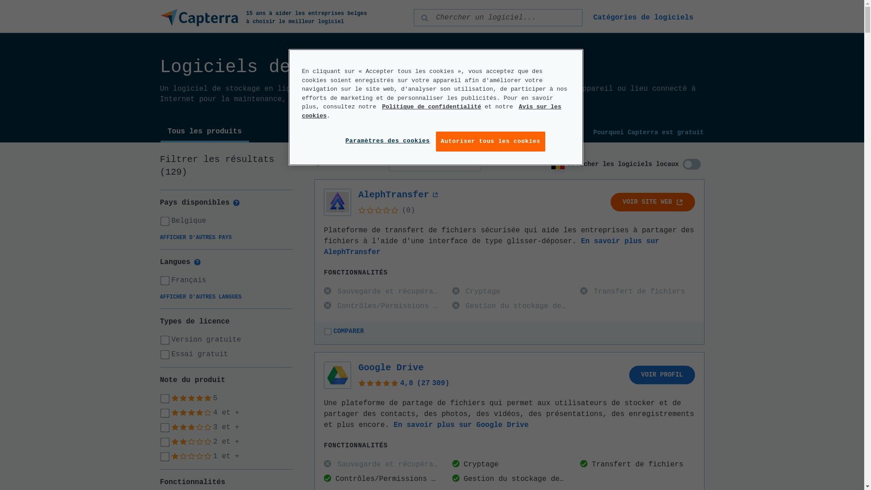  I want to click on '2 et +', so click(226, 441).